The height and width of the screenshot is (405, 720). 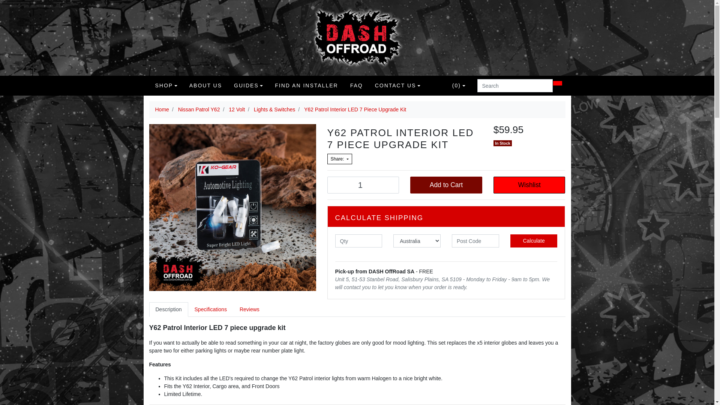 What do you see at coordinates (458, 85) in the screenshot?
I see `'(0)'` at bounding box center [458, 85].